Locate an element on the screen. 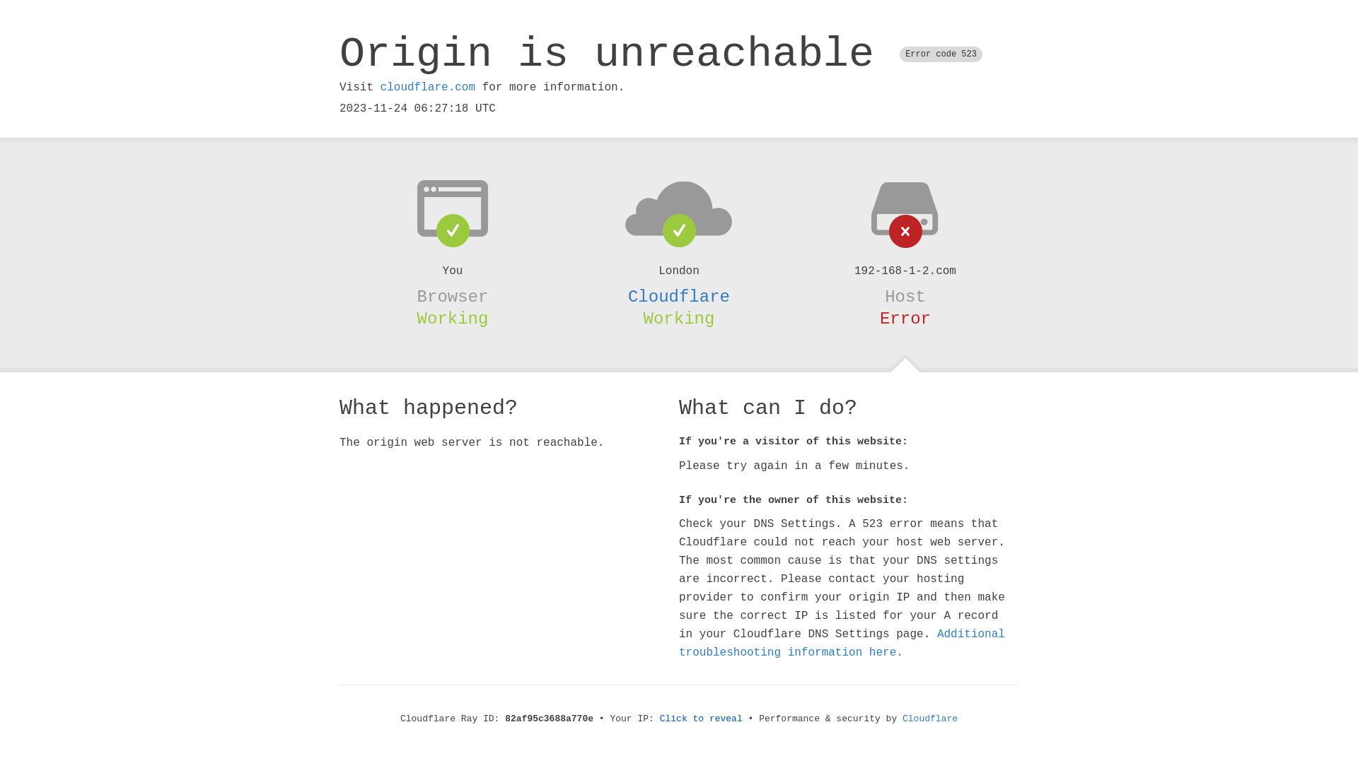  'Cloudflare' is located at coordinates (902, 718).